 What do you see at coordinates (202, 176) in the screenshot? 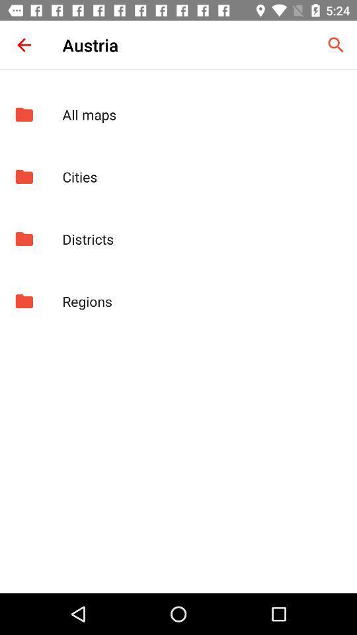
I see `icon below the all maps icon` at bounding box center [202, 176].